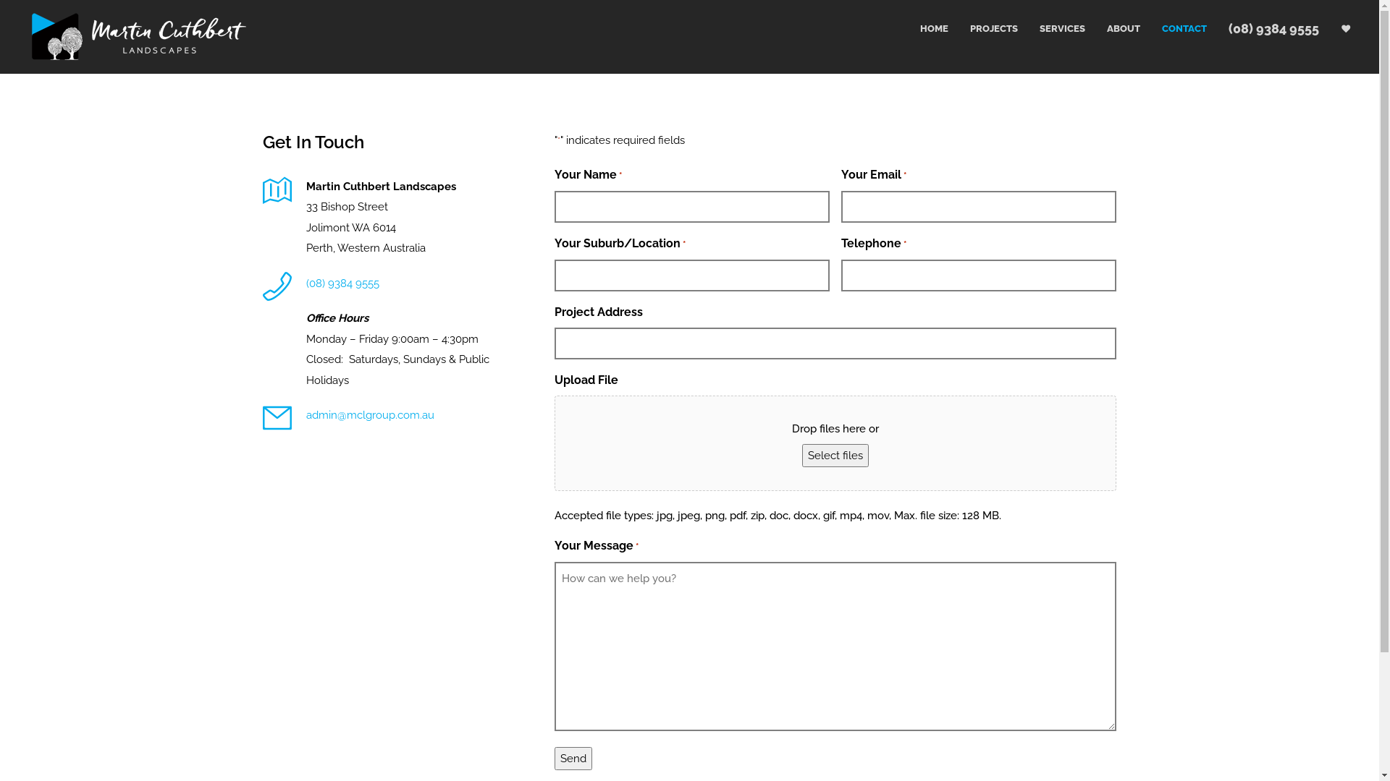 The image size is (1390, 781). I want to click on 'Send', so click(554, 757).